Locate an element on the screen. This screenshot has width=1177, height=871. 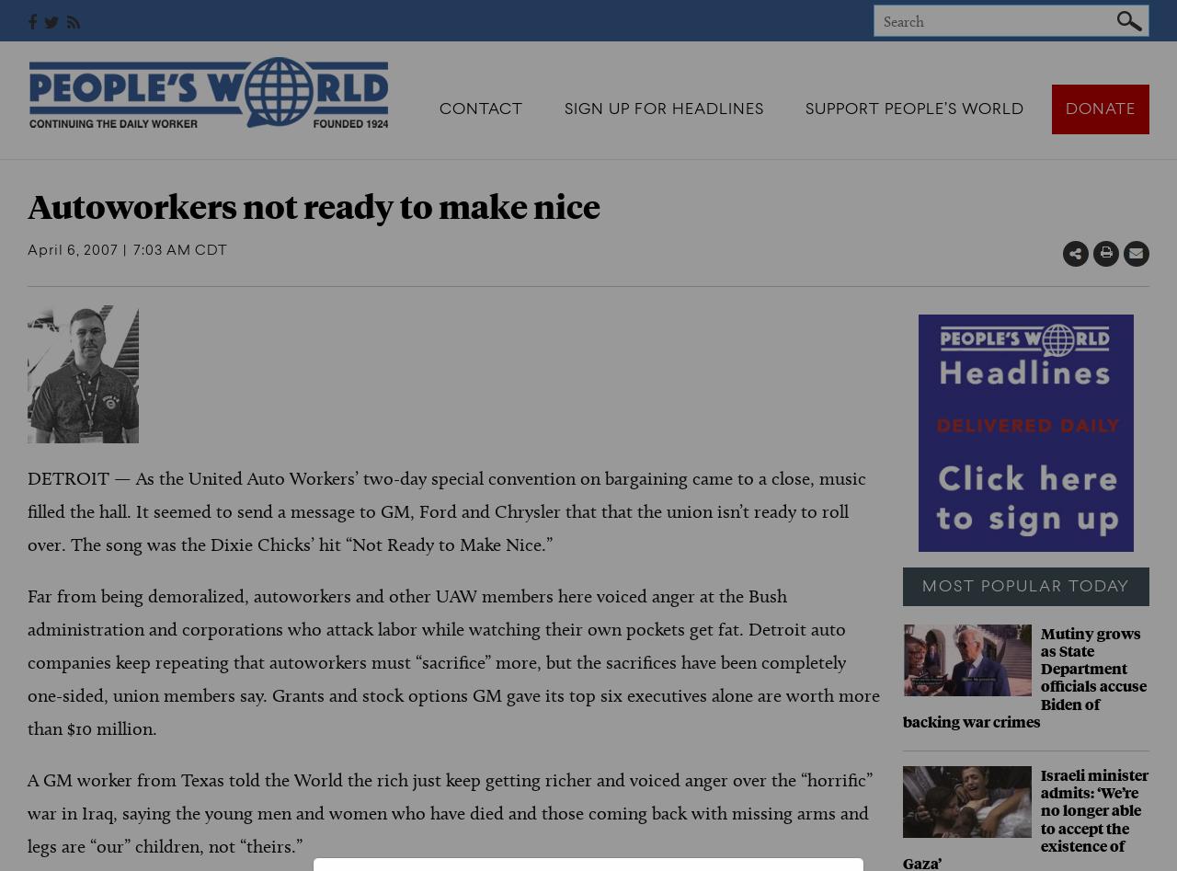
'A GM worker from Texas told the World the rich just keep getting richer and voiced anger over the “horrific” war in Iraq, saying the young men and women who have died and those coming back with missing arms and legs are “our” children, not “theirs.”' is located at coordinates (450, 812).